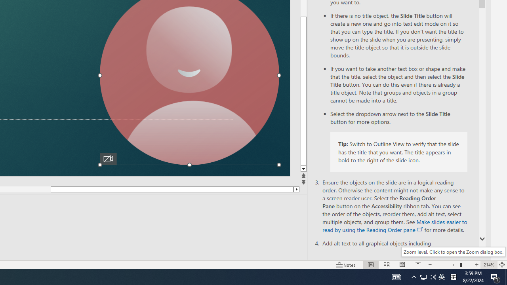 The image size is (507, 285). Describe the element at coordinates (488, 265) in the screenshot. I see `'Zoom 214%'` at that location.